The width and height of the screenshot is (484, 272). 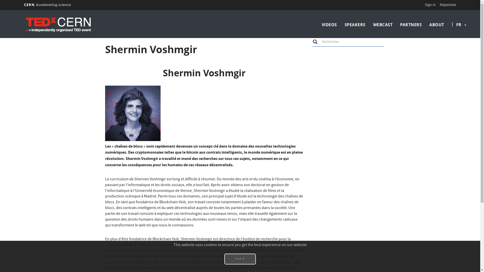 What do you see at coordinates (344, 24) in the screenshot?
I see `'SPEAKERS'` at bounding box center [344, 24].